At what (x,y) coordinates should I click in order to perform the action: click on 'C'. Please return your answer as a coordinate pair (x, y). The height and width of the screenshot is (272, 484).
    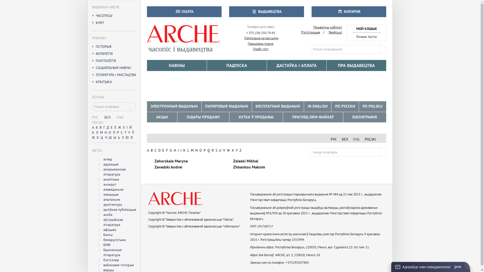
    Looking at the image, I should click on (154, 150).